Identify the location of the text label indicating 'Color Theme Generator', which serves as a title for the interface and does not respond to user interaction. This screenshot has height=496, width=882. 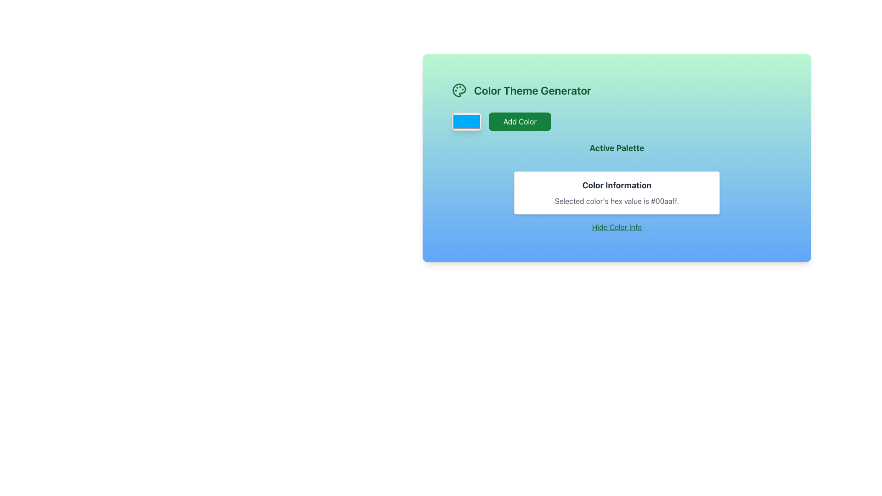
(532, 90).